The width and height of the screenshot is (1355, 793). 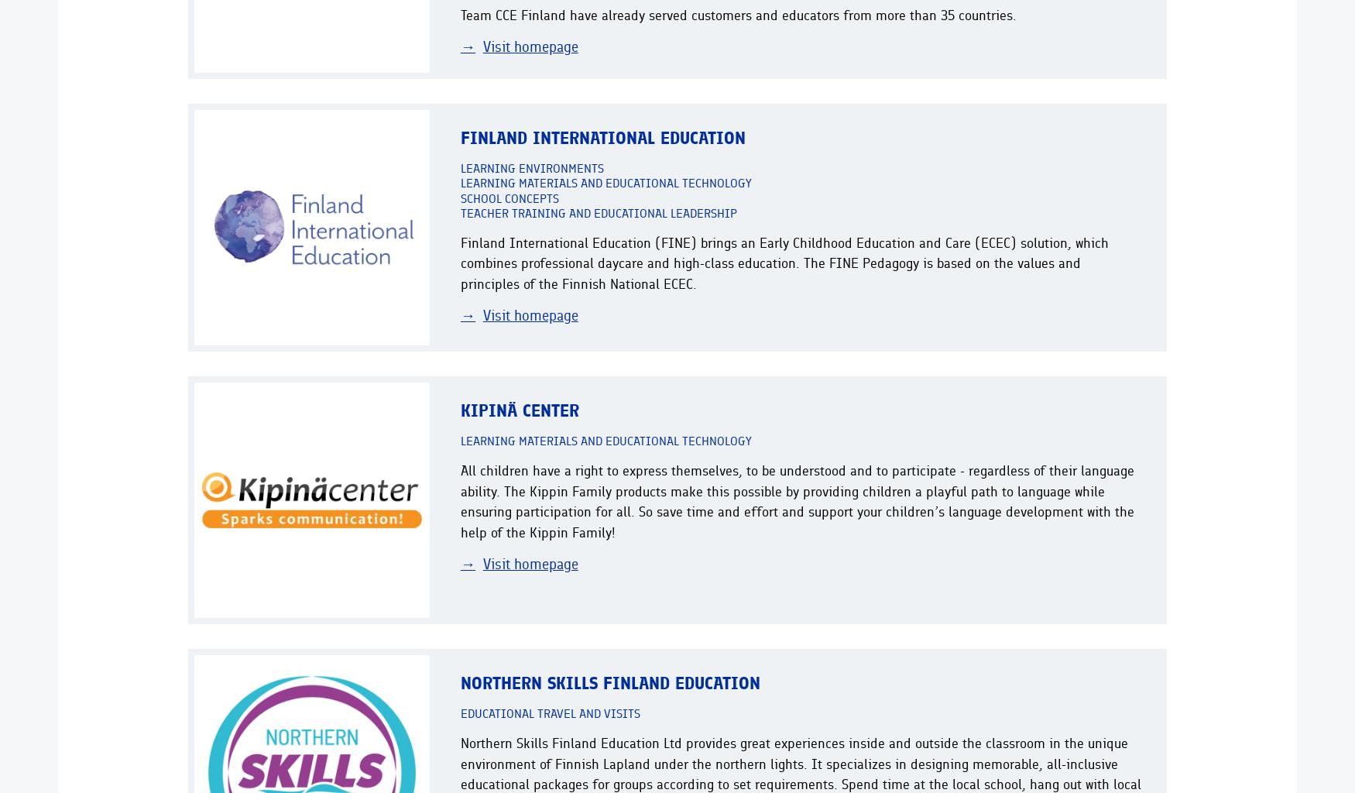 I want to click on 'Teacher training and educational leadership', so click(x=598, y=212).